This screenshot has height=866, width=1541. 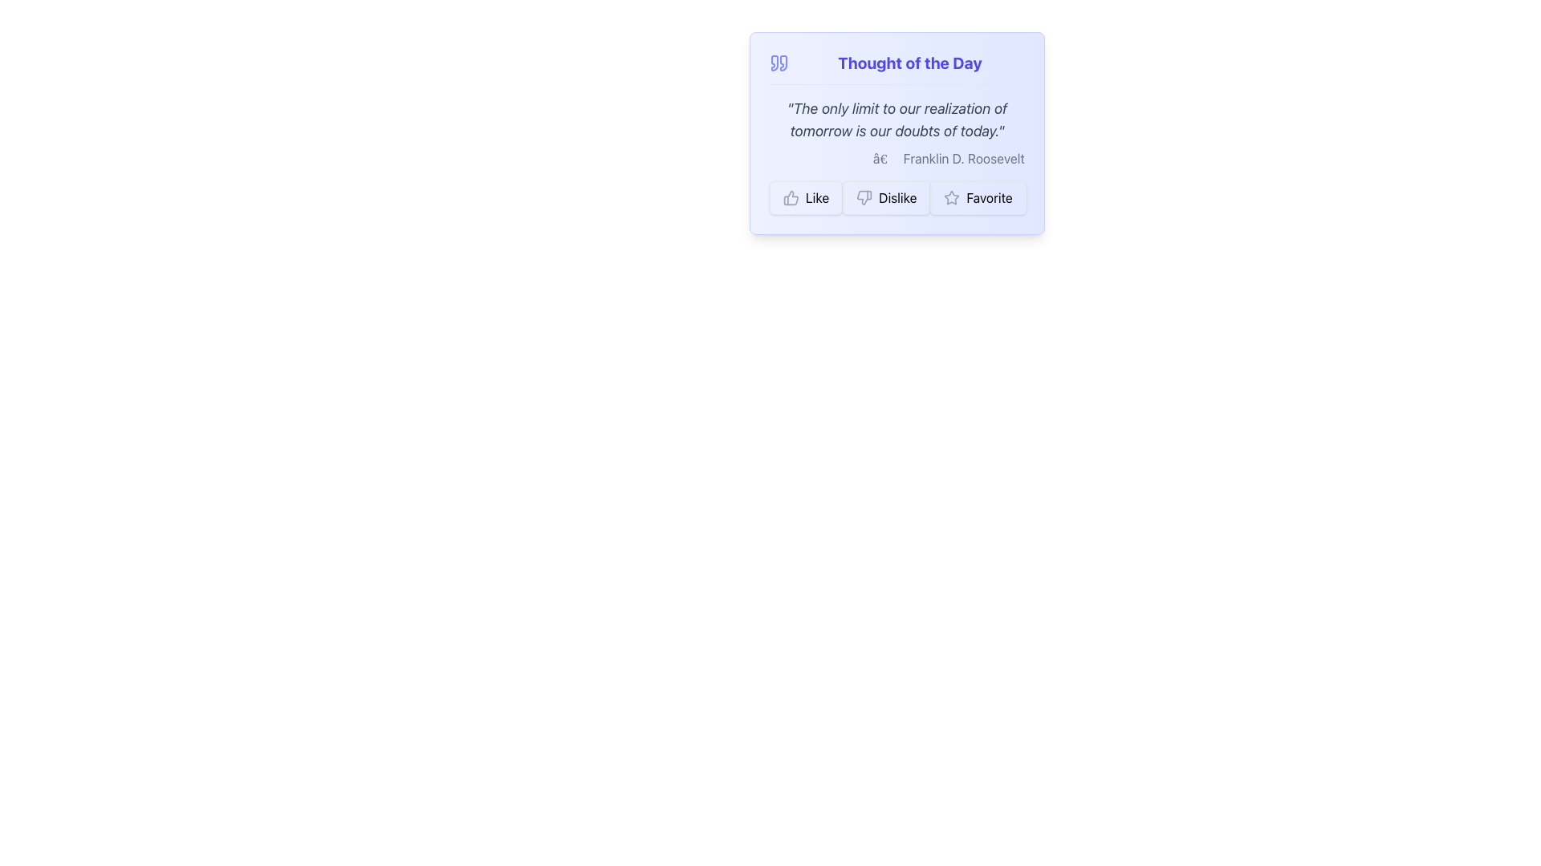 I want to click on the attribution text reading 'â€” Franklin D. Roosevelt' which is aligned to the right and positioned below the quote text, just above the interactive buttons, so click(x=897, y=158).